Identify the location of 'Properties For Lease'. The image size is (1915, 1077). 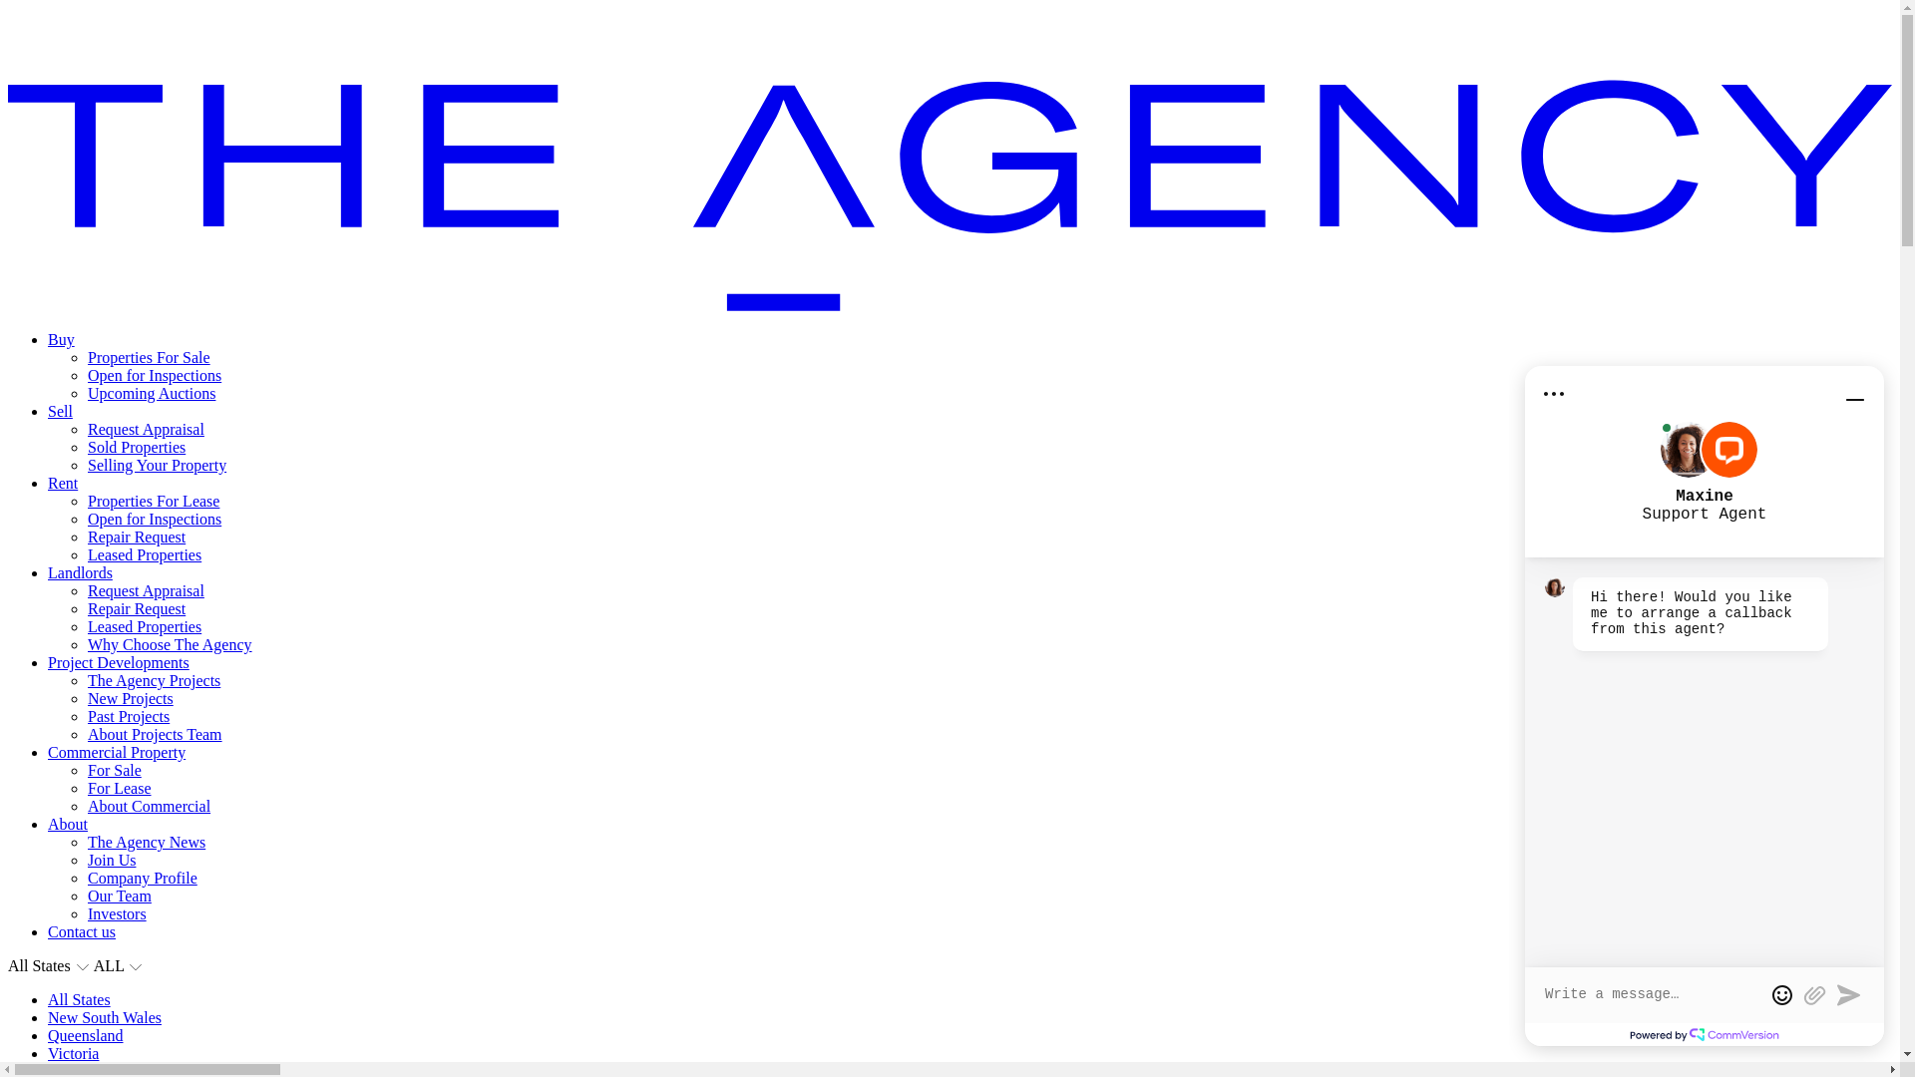
(152, 500).